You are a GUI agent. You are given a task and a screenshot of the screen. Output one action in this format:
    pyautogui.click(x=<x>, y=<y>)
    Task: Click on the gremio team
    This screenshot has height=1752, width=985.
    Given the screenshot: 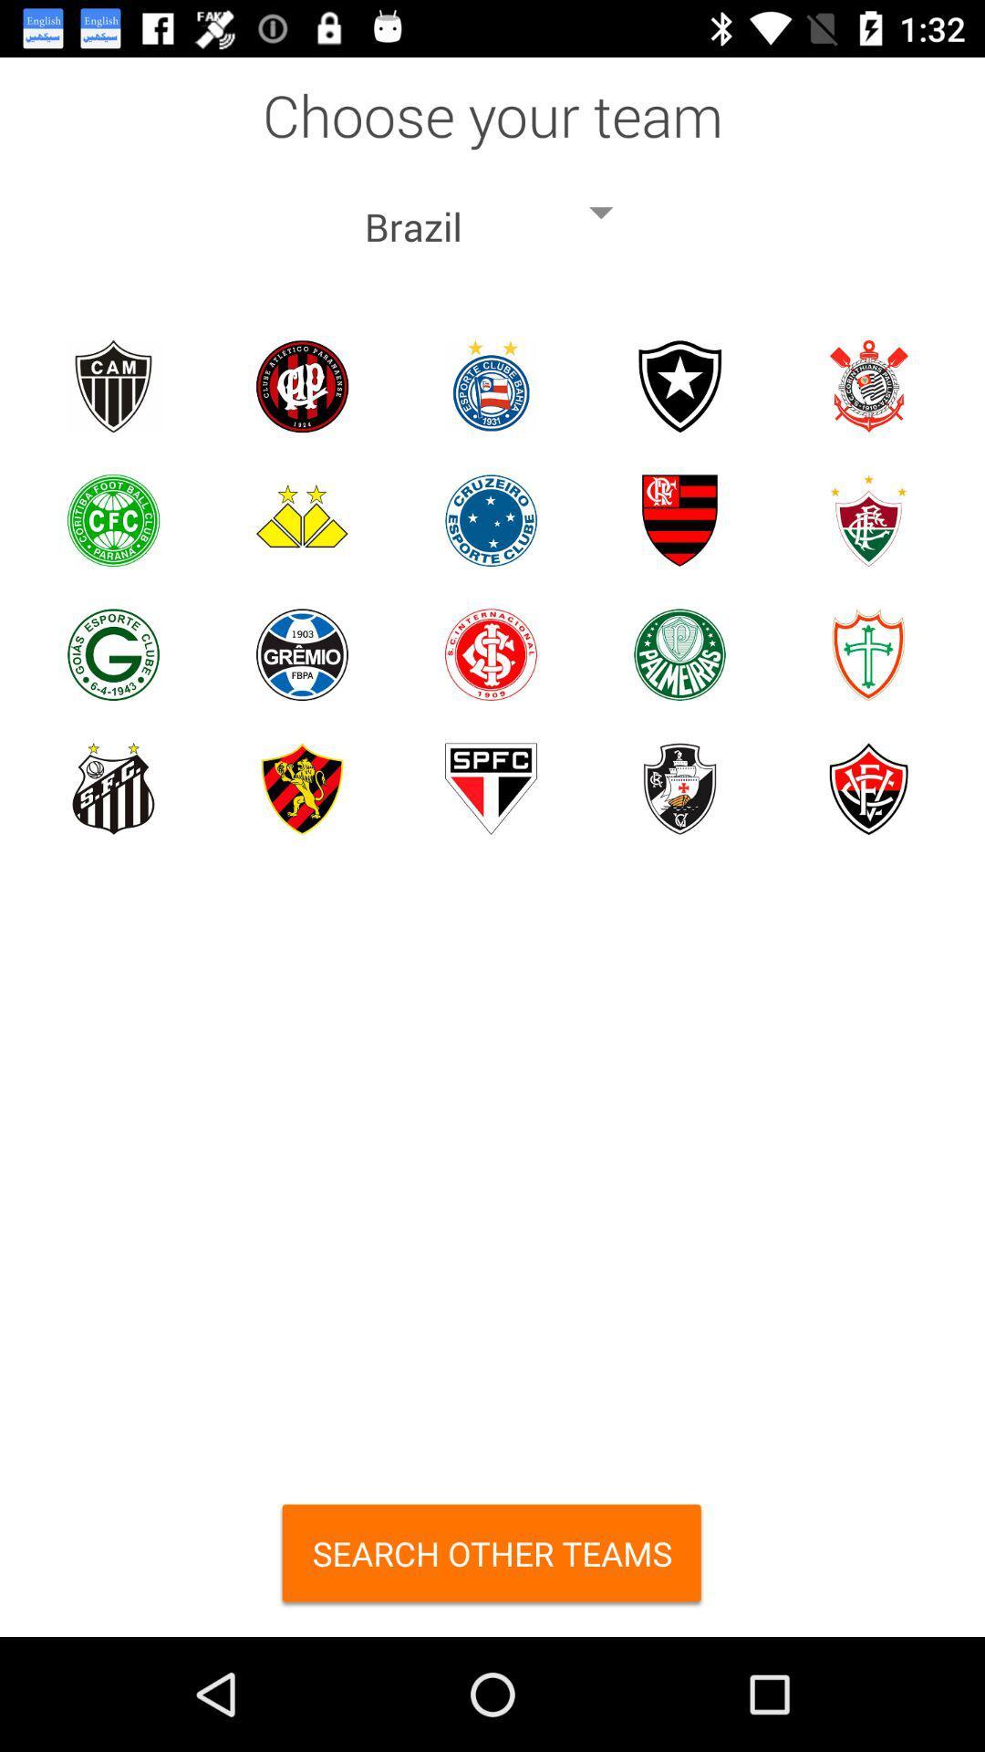 What is the action you would take?
    pyautogui.click(x=301, y=654)
    